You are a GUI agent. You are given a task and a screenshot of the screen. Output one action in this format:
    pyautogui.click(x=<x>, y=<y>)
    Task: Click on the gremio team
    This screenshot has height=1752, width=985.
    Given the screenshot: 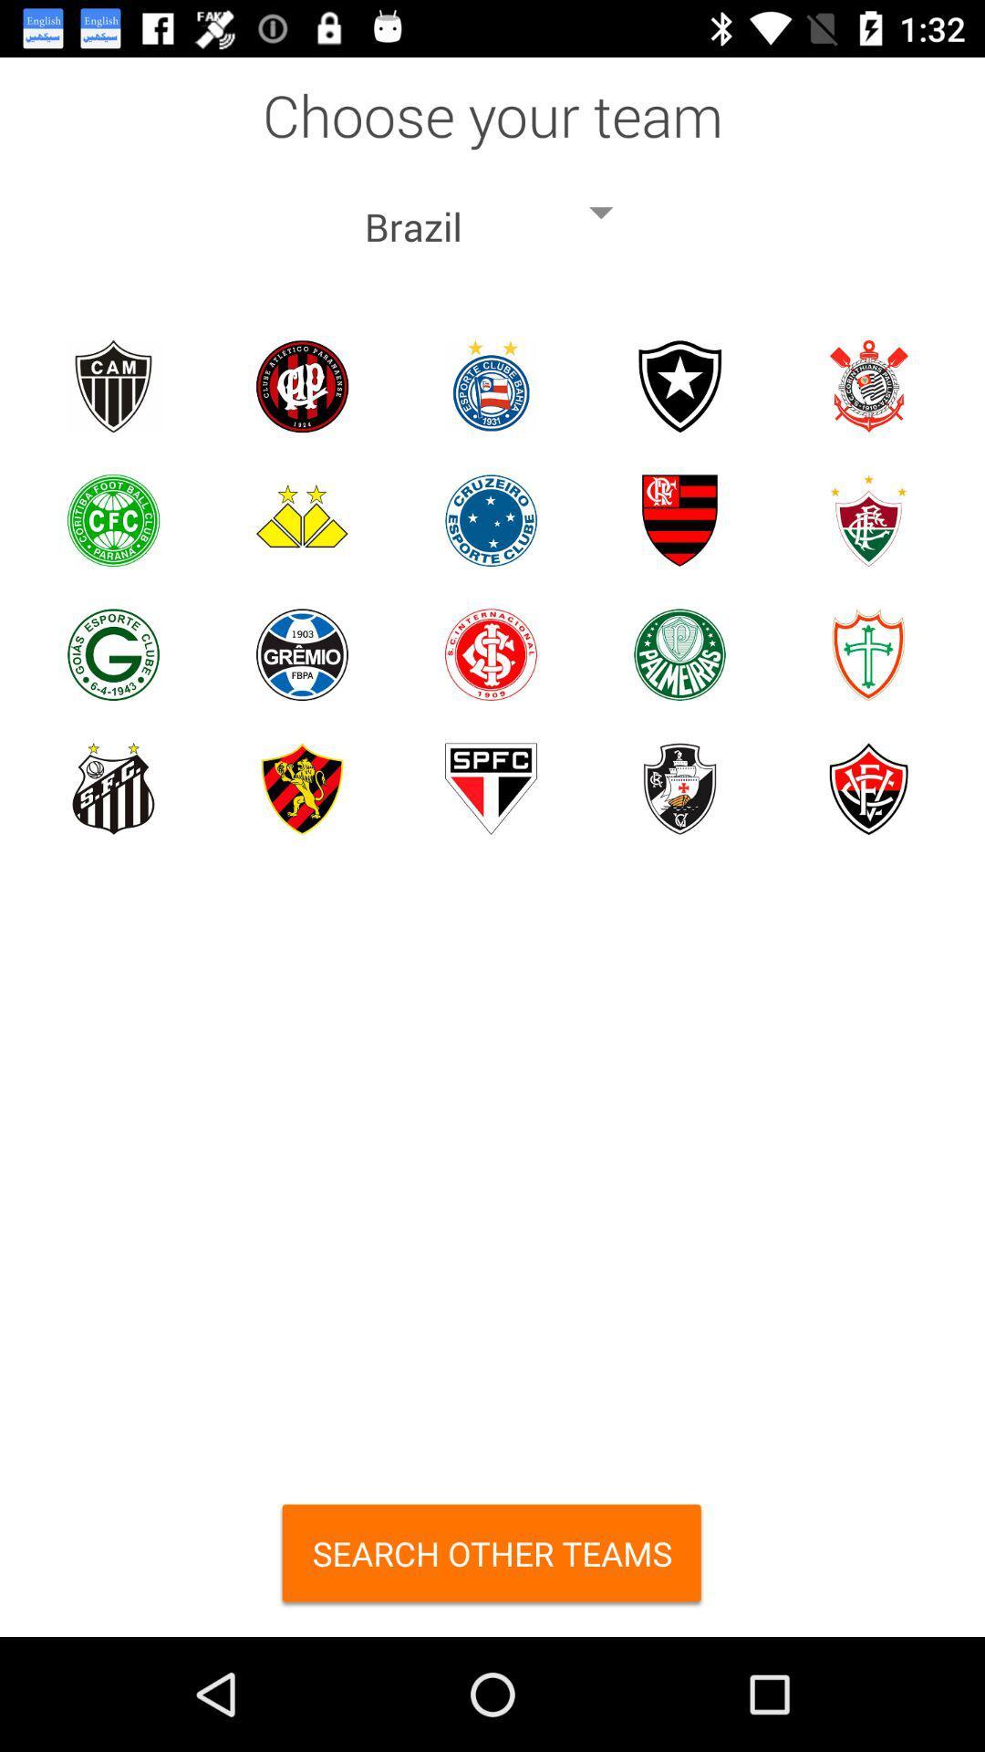 What is the action you would take?
    pyautogui.click(x=301, y=654)
    